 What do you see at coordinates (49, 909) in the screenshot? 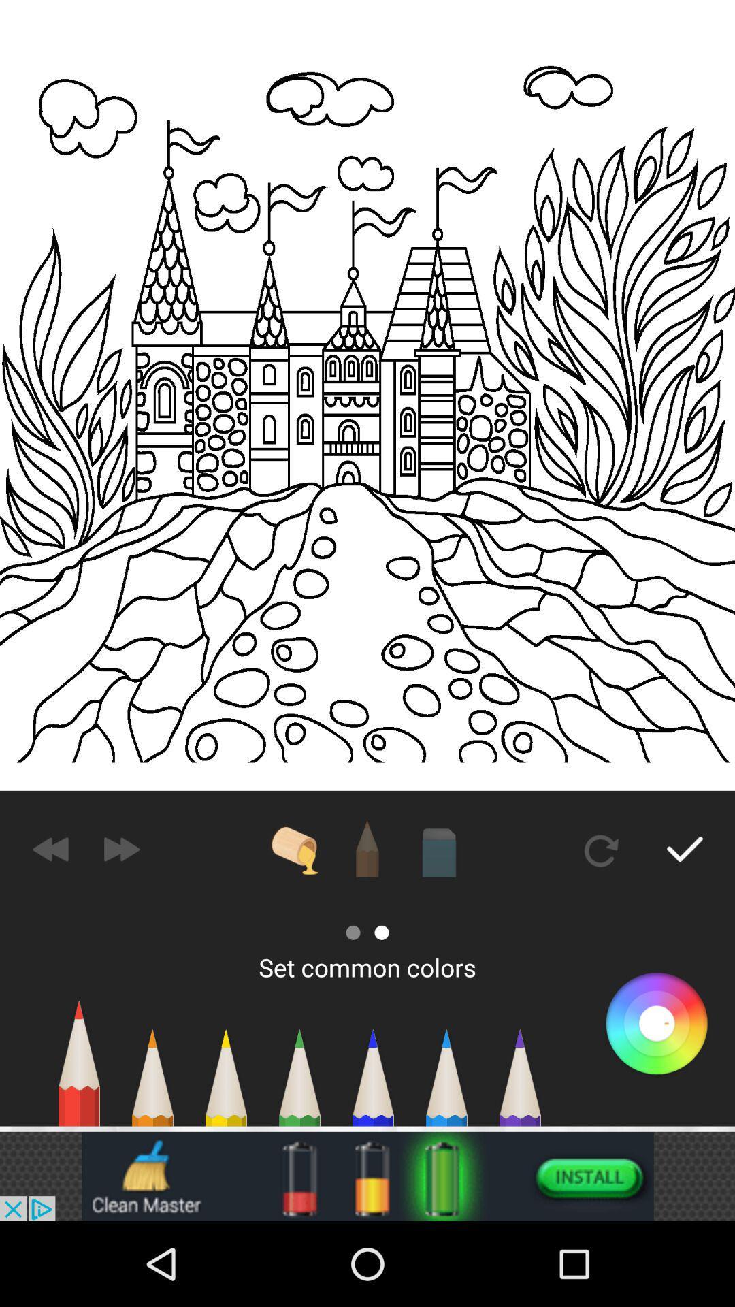
I see `the av_rewind icon` at bounding box center [49, 909].